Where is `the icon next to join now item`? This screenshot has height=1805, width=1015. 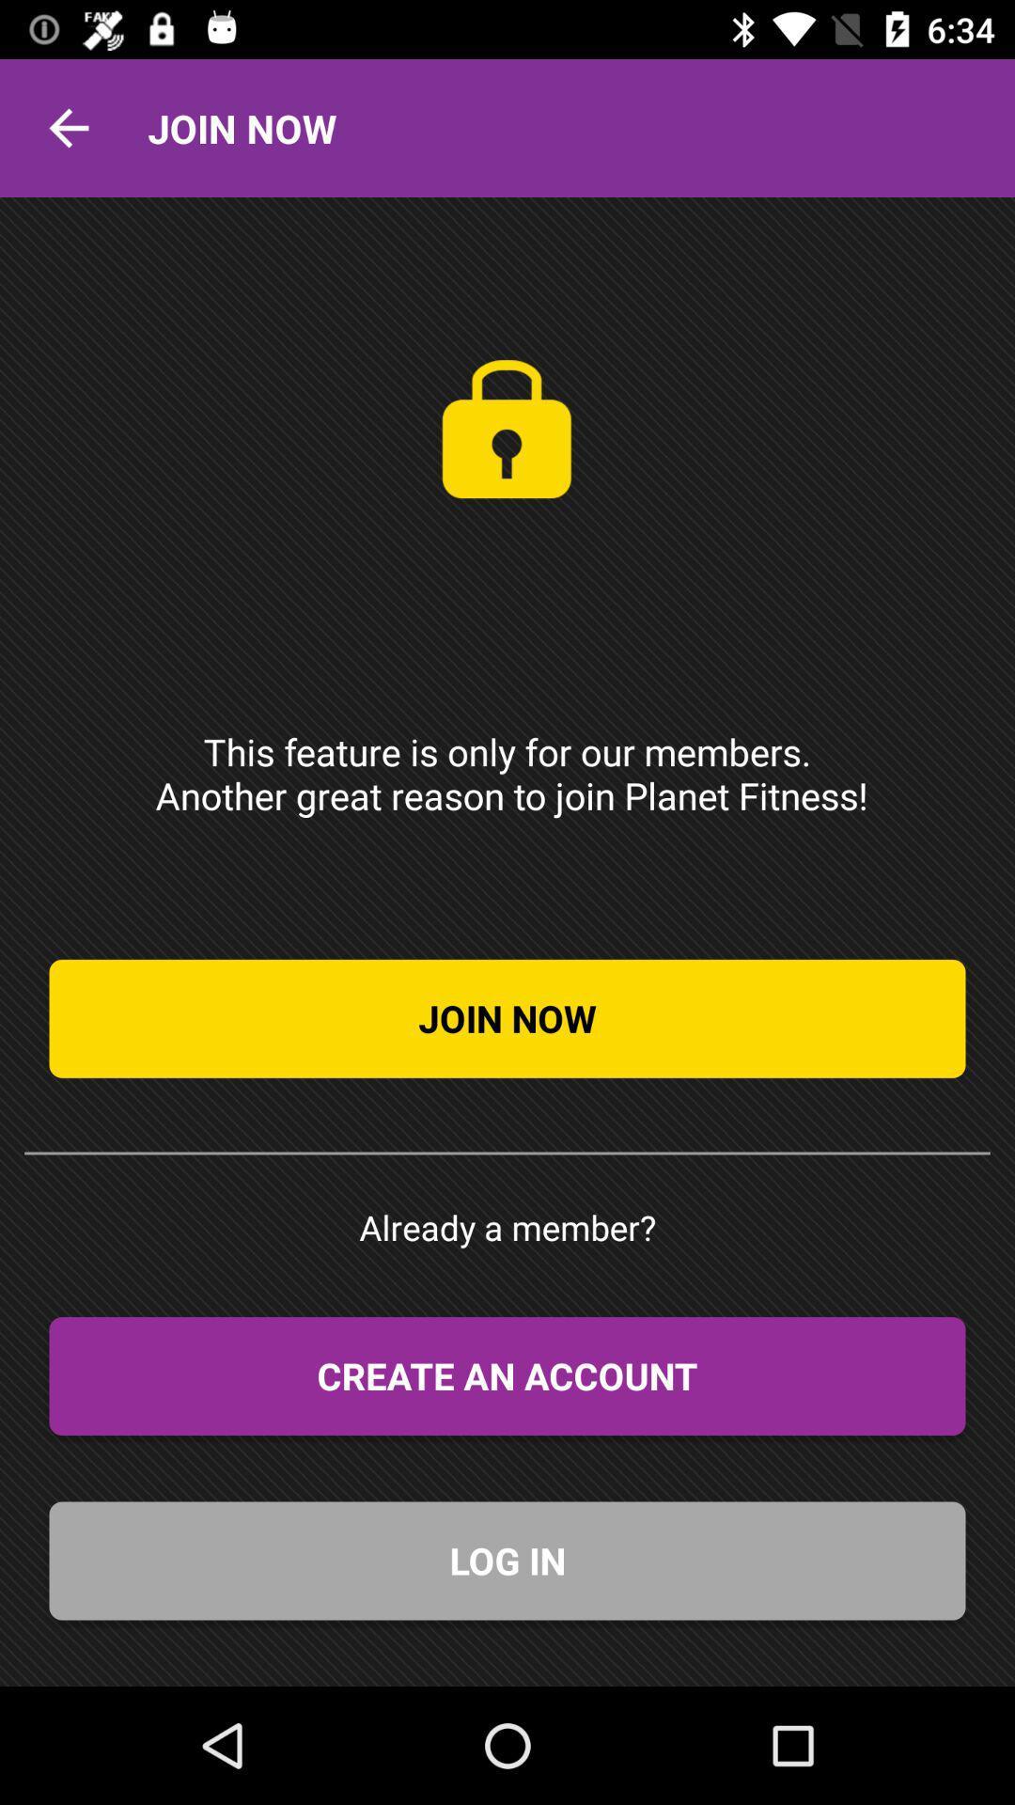
the icon next to join now item is located at coordinates (68, 127).